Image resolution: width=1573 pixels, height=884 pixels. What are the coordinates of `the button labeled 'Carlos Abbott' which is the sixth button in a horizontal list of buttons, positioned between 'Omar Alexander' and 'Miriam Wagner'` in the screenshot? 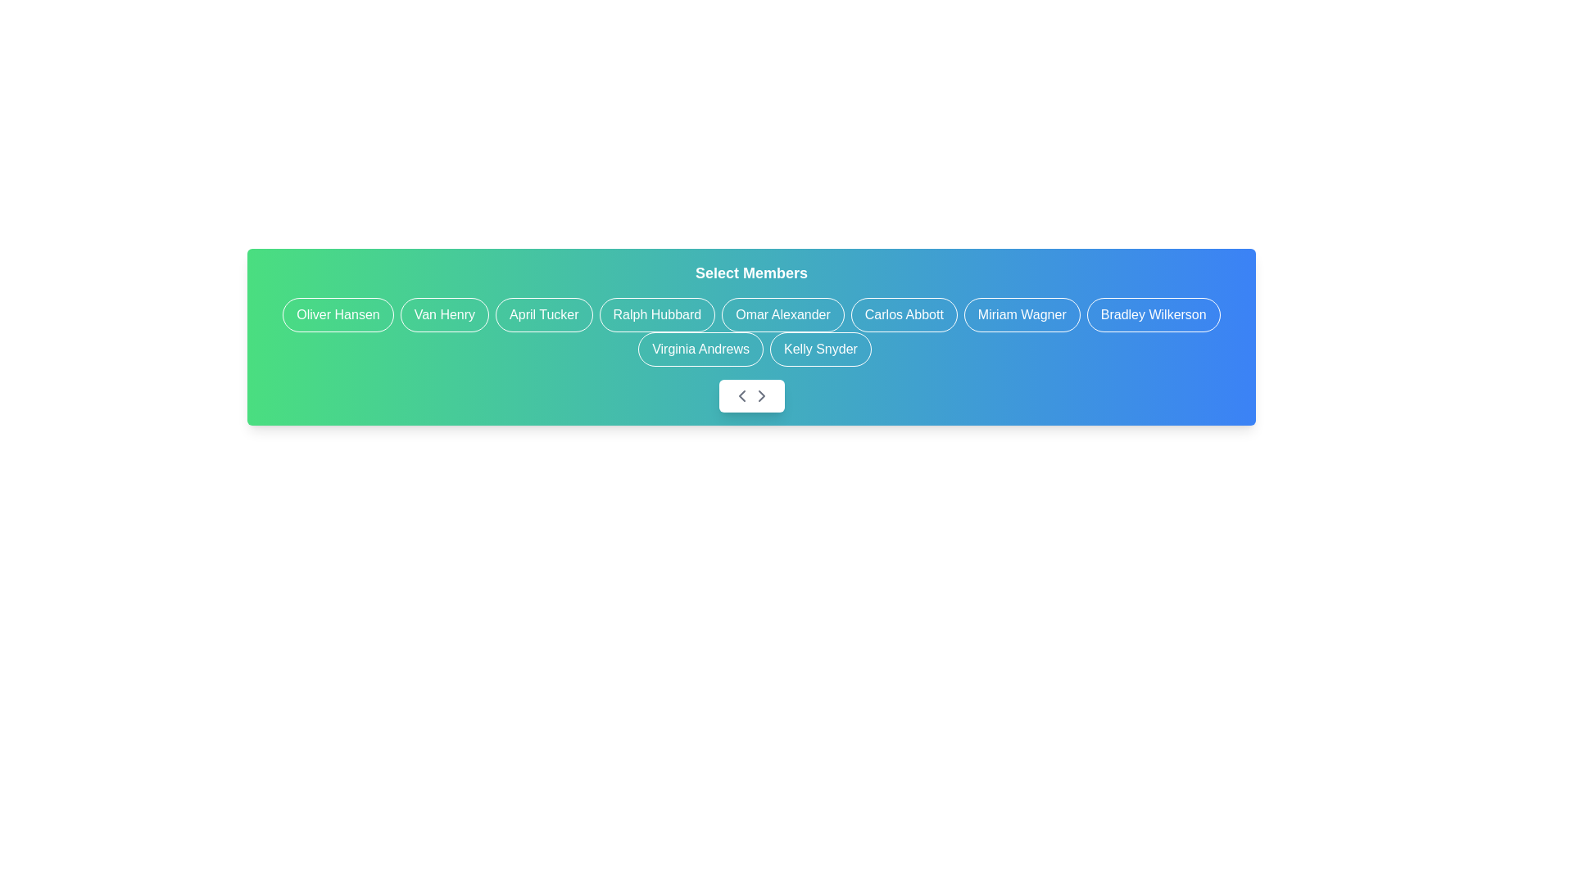 It's located at (903, 315).